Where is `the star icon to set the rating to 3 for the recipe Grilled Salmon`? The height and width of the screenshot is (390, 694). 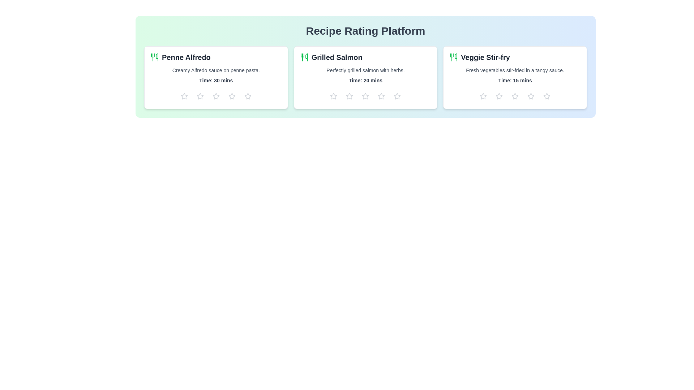
the star icon to set the rating to 3 for the recipe Grilled Salmon is located at coordinates (365, 96).